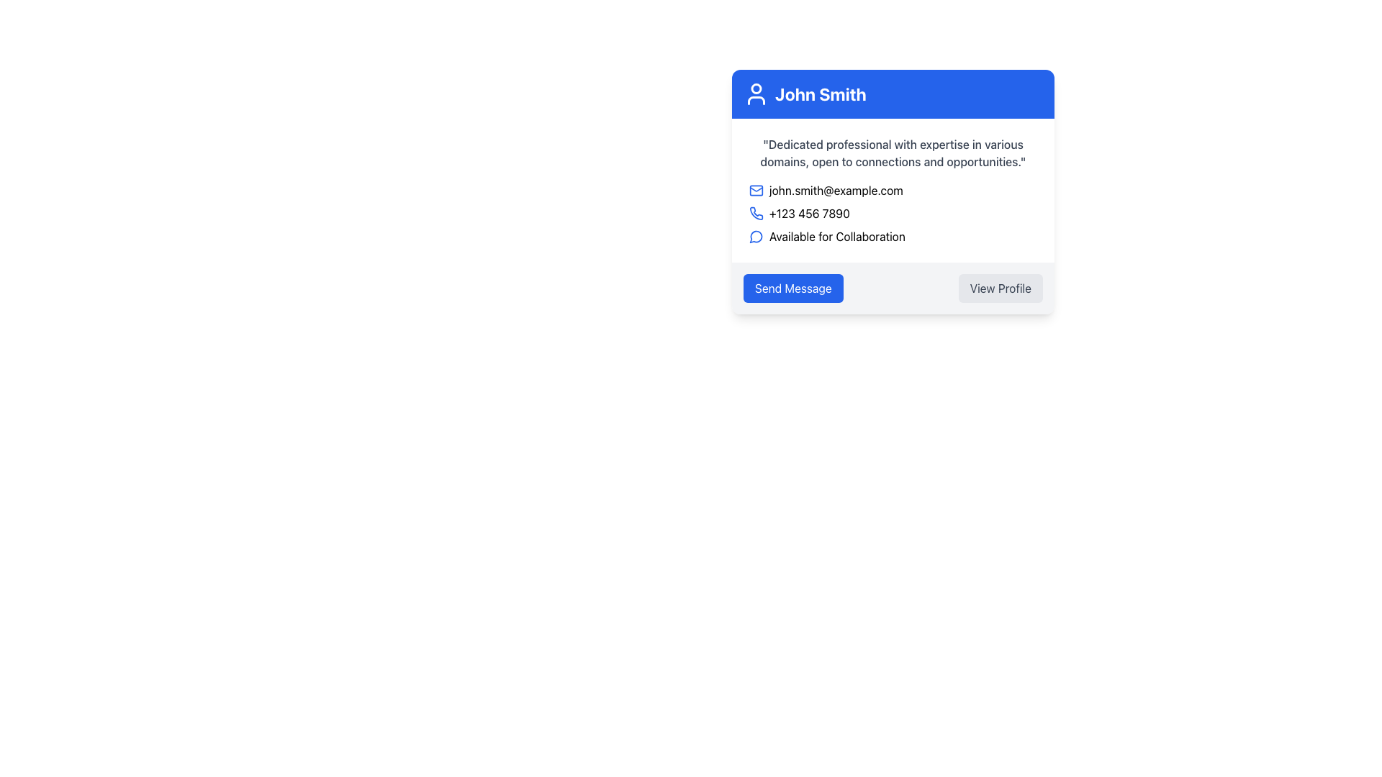  Describe the element at coordinates (821, 94) in the screenshot. I see `the text element displaying 'John Smith' in bold white font against a blue background, located in the blue header bar of the card structure` at that location.